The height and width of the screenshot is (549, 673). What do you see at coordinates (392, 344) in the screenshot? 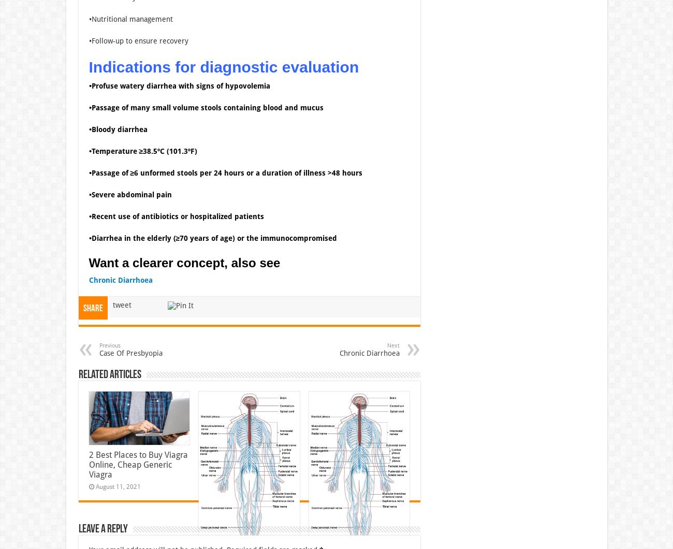
I see `'Next'` at bounding box center [392, 344].